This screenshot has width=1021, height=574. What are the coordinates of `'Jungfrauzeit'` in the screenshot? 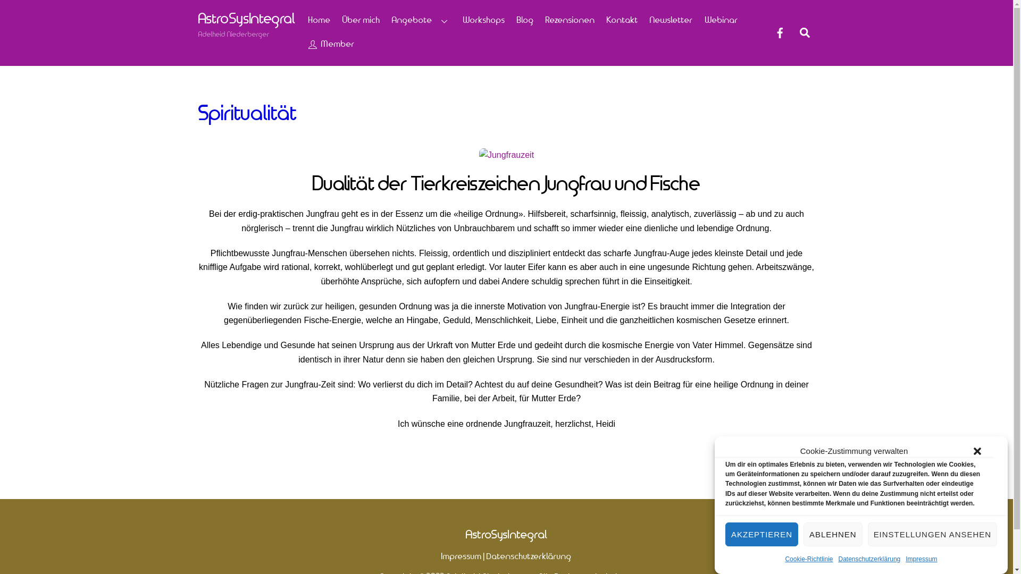 It's located at (479, 155).